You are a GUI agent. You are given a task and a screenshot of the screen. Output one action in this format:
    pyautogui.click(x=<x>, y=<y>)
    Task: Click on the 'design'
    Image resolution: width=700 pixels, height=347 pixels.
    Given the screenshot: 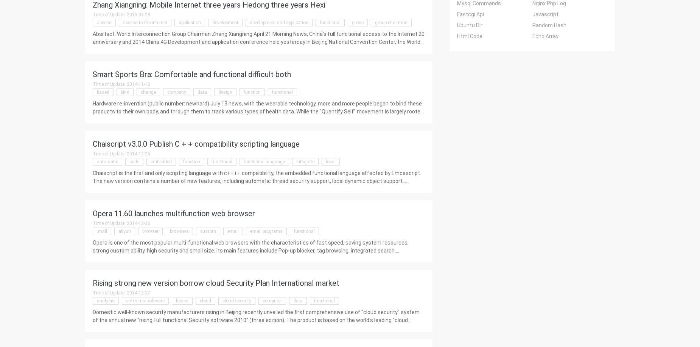 What is the action you would take?
    pyautogui.click(x=218, y=92)
    